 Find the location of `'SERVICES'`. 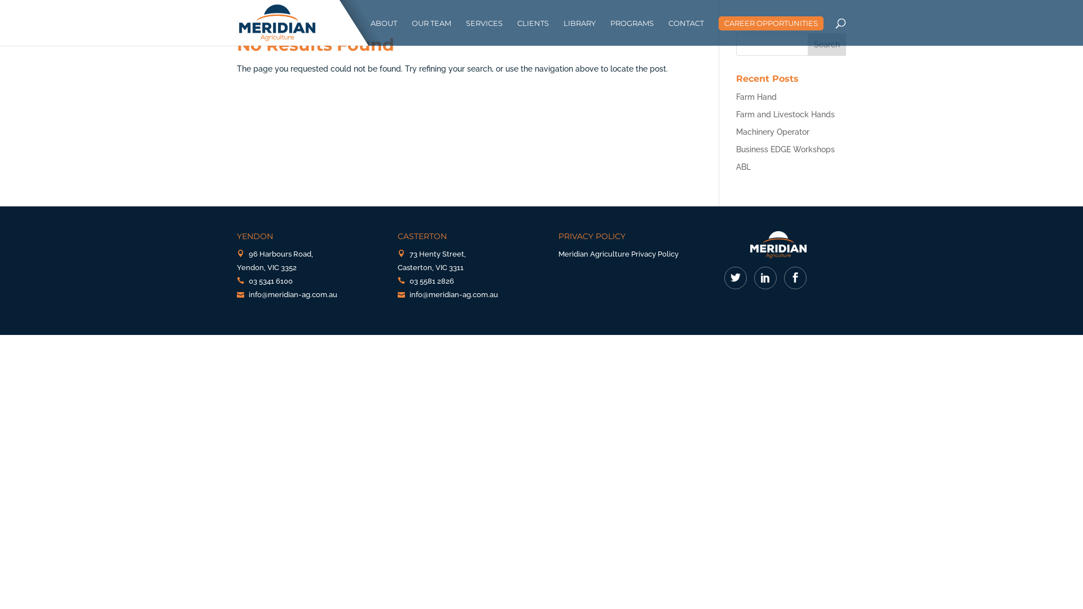

'SERVICES' is located at coordinates (465, 32).